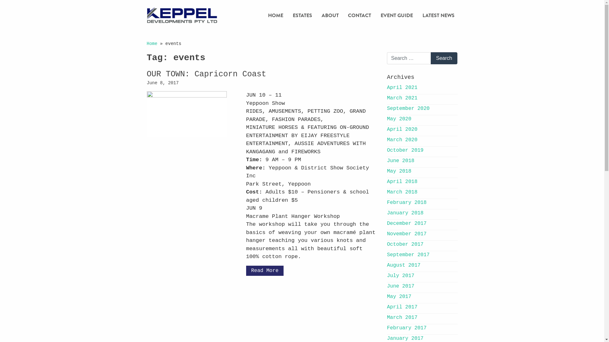 This screenshot has width=609, height=342. I want to click on 'March 2021', so click(386, 98).